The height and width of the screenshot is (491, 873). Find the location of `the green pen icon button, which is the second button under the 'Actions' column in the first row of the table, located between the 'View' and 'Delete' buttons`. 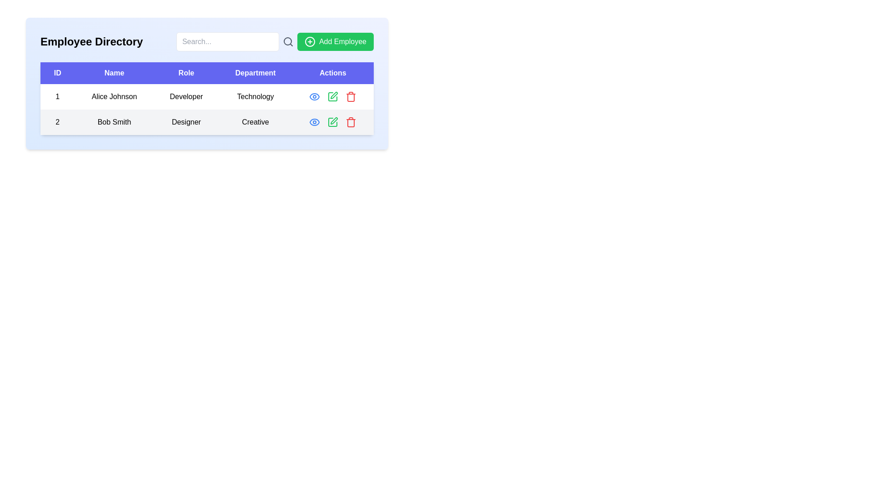

the green pen icon button, which is the second button under the 'Actions' column in the first row of the table, located between the 'View' and 'Delete' buttons is located at coordinates (332, 96).